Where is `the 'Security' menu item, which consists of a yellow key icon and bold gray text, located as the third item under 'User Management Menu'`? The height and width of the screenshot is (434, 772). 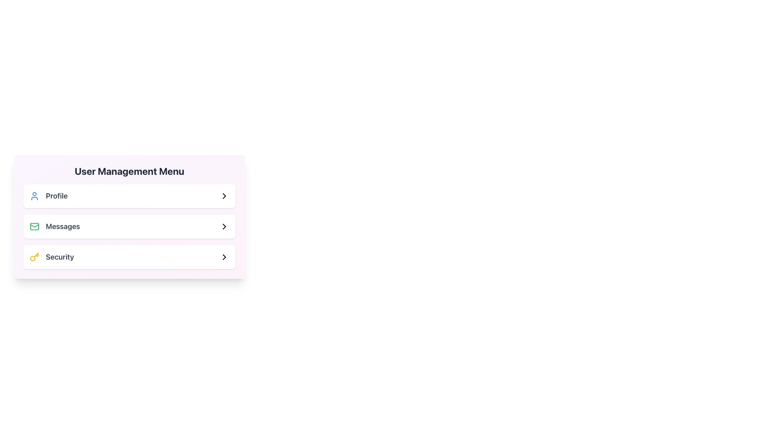 the 'Security' menu item, which consists of a yellow key icon and bold gray text, located as the third item under 'User Management Menu' is located at coordinates (51, 257).